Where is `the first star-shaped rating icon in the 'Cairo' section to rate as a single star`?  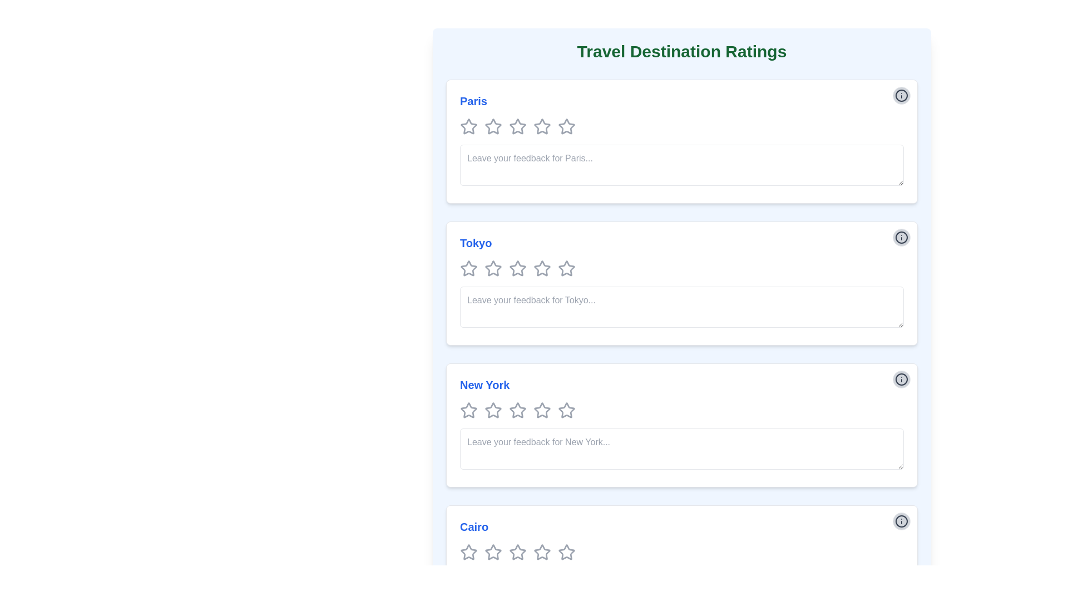 the first star-shaped rating icon in the 'Cairo' section to rate as a single star is located at coordinates (469, 552).